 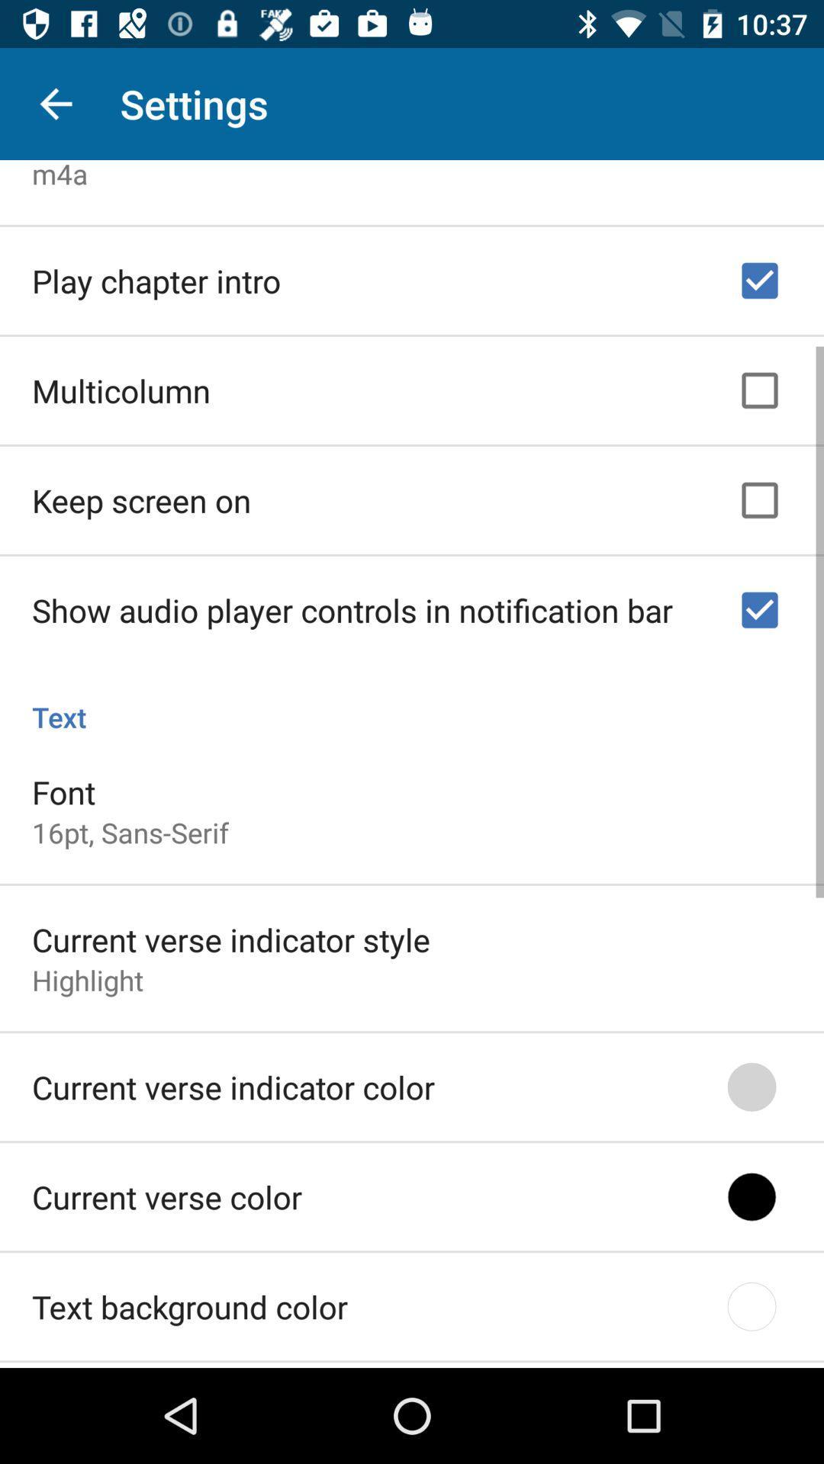 I want to click on text background color icon, so click(x=189, y=1301).